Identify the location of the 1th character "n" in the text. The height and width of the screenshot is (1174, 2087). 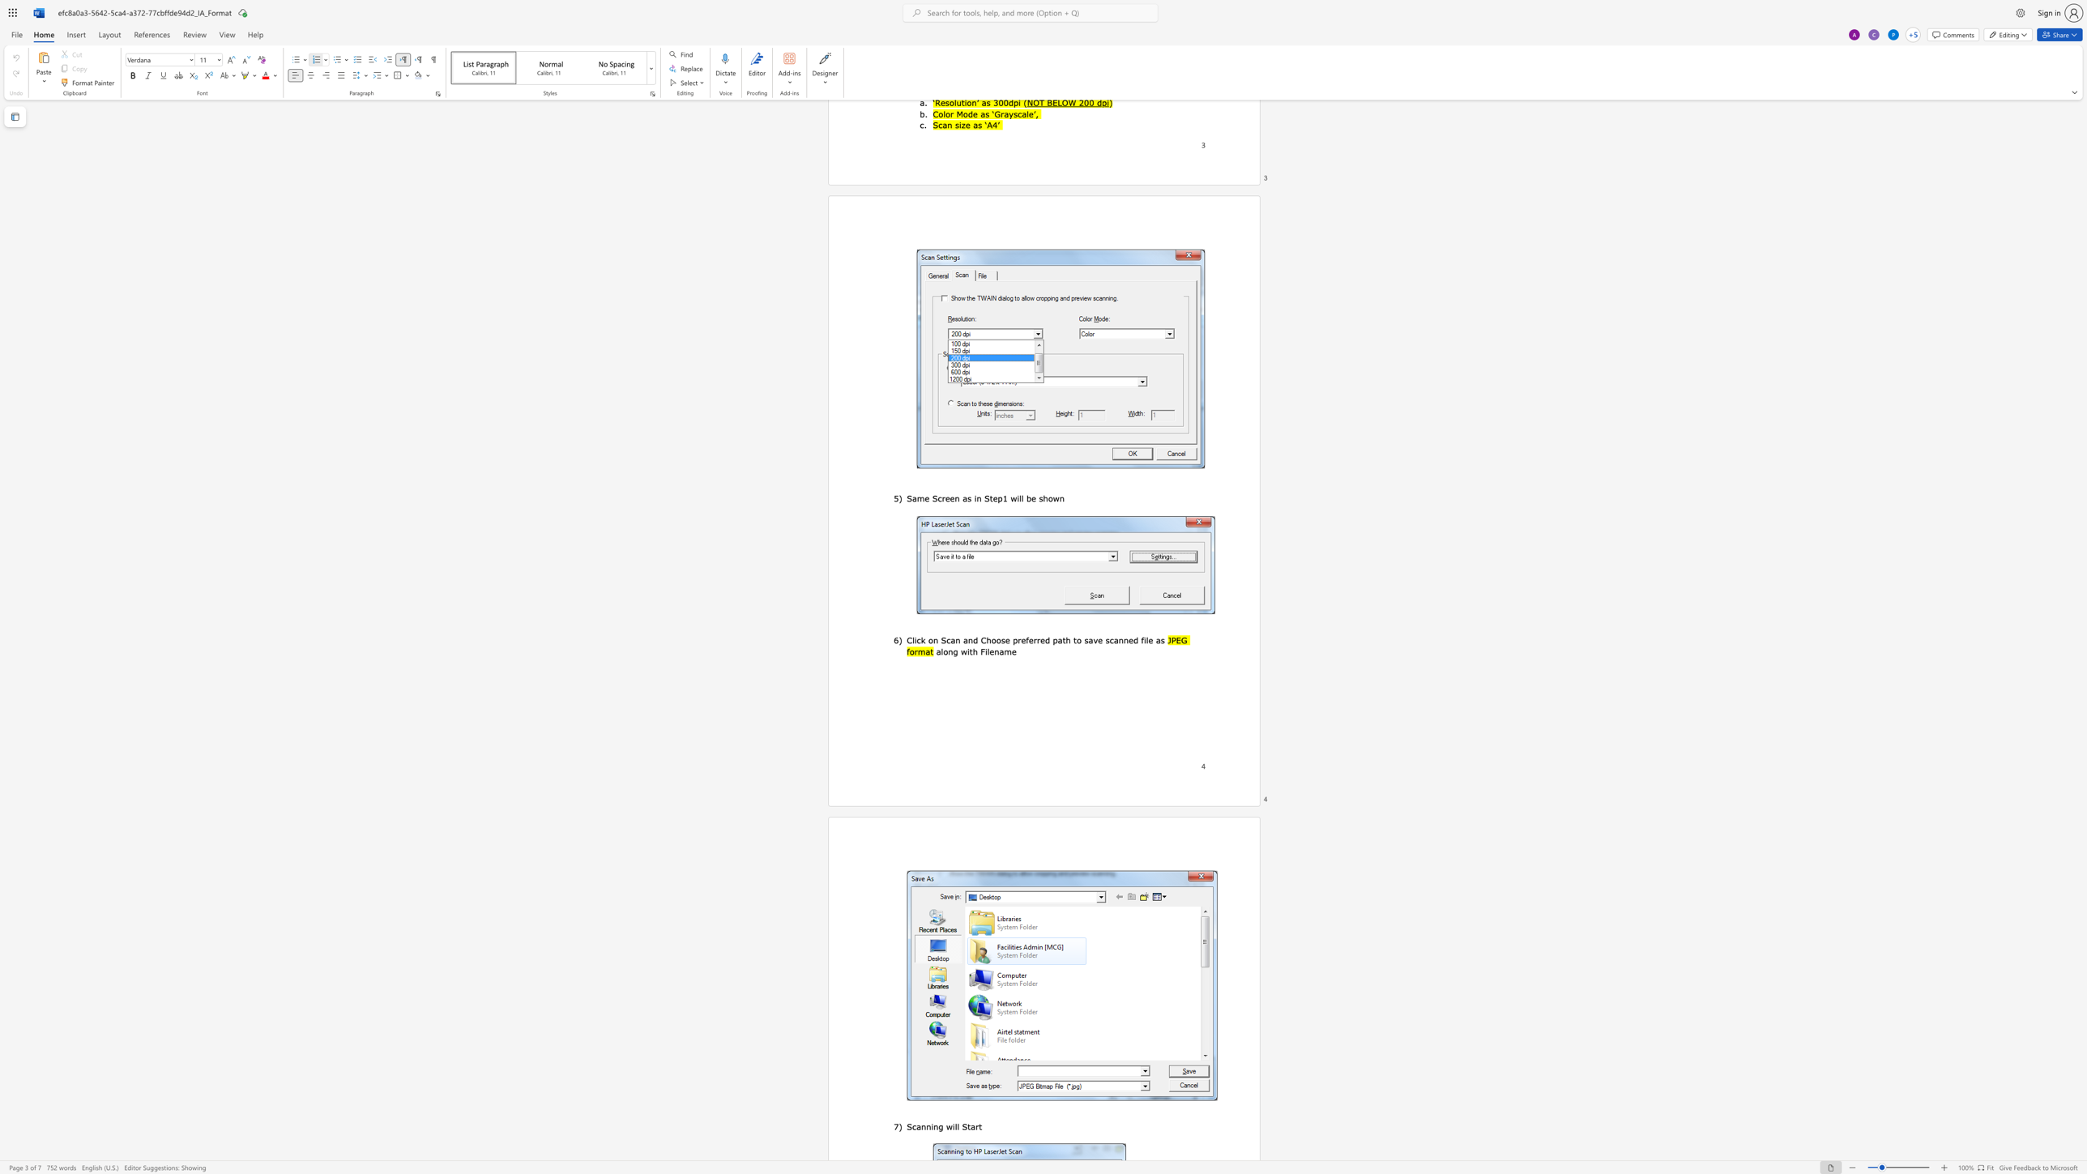
(934, 640).